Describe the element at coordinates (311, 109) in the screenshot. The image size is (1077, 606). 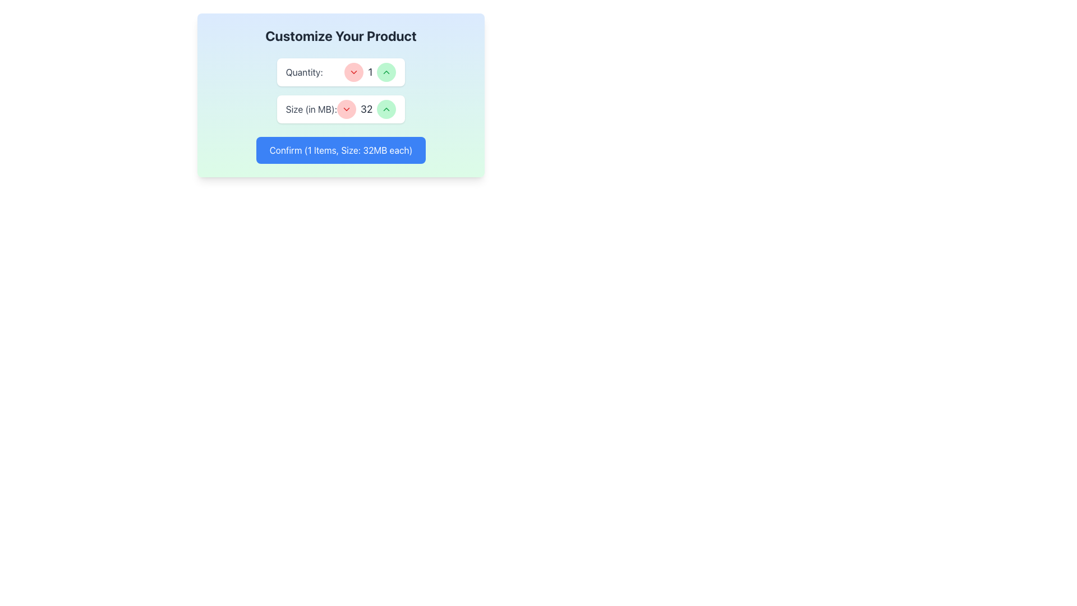
I see `the label displaying 'Size (in MB):' which is styled with a gray font color and positioned next to the numerical value '32' in a card-like UI component` at that location.